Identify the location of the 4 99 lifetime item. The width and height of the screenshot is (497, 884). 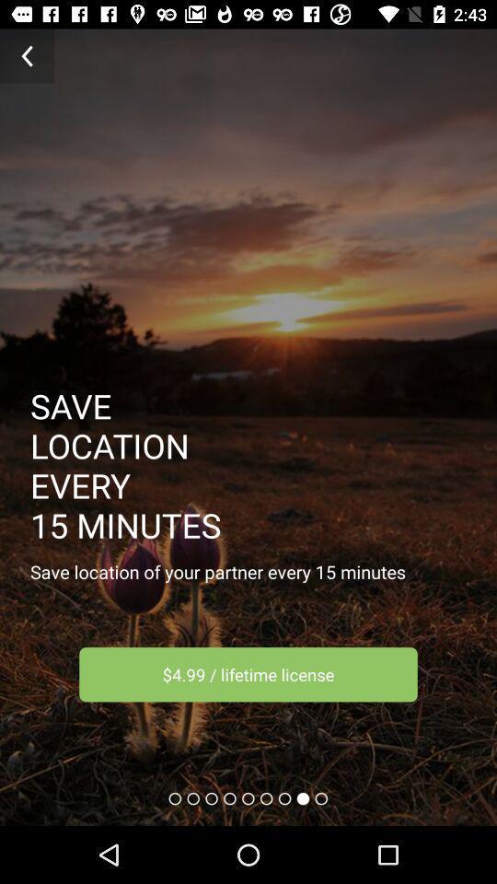
(248, 673).